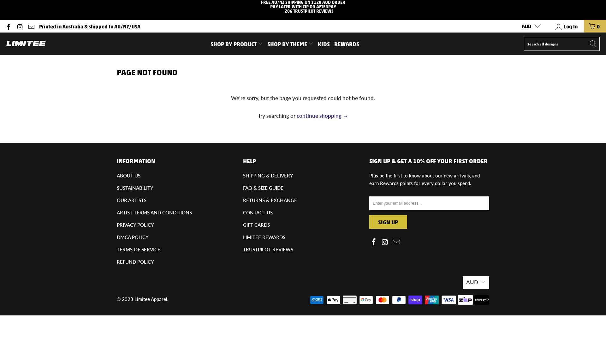  What do you see at coordinates (116, 262) in the screenshot?
I see `'REFUND POLICY'` at bounding box center [116, 262].